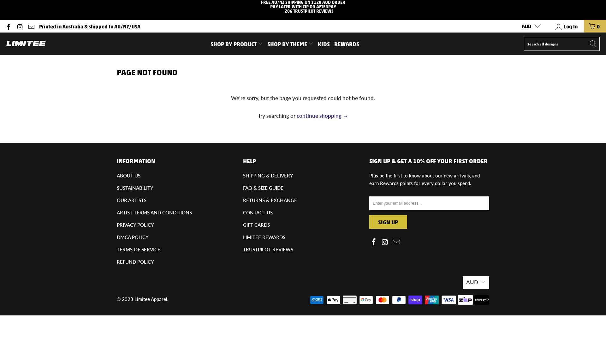  What do you see at coordinates (116, 262) in the screenshot?
I see `'REFUND POLICY'` at bounding box center [116, 262].